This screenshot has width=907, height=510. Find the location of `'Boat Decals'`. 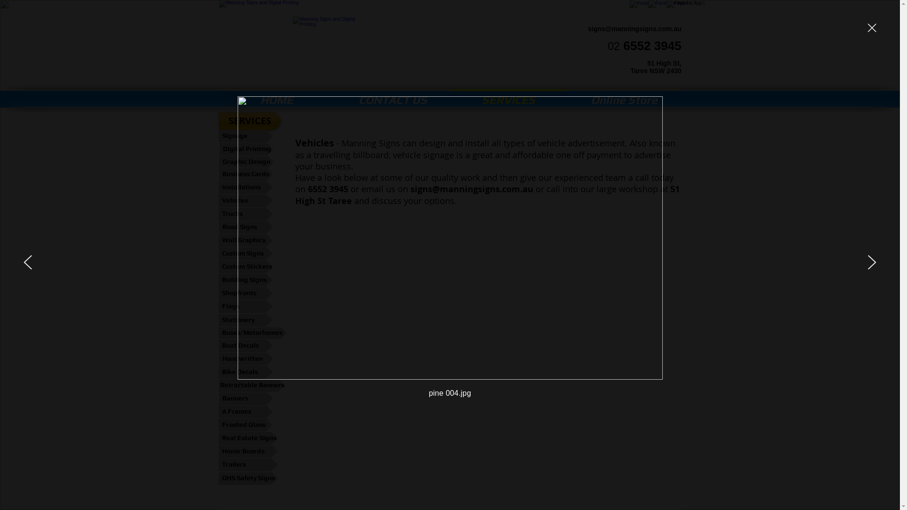

'Boat Decals' is located at coordinates (245, 345).